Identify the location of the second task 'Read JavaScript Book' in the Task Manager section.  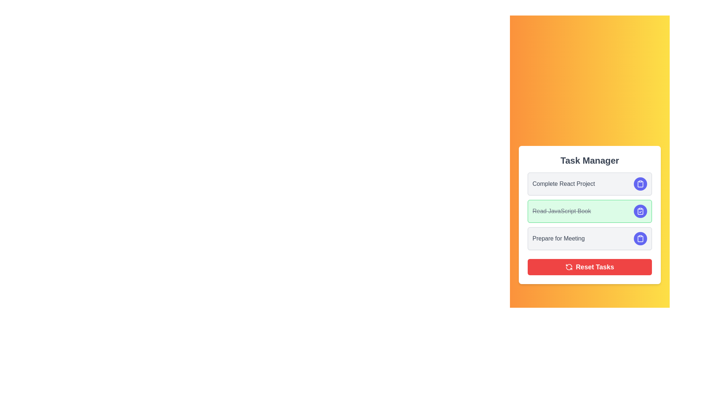
(589, 211).